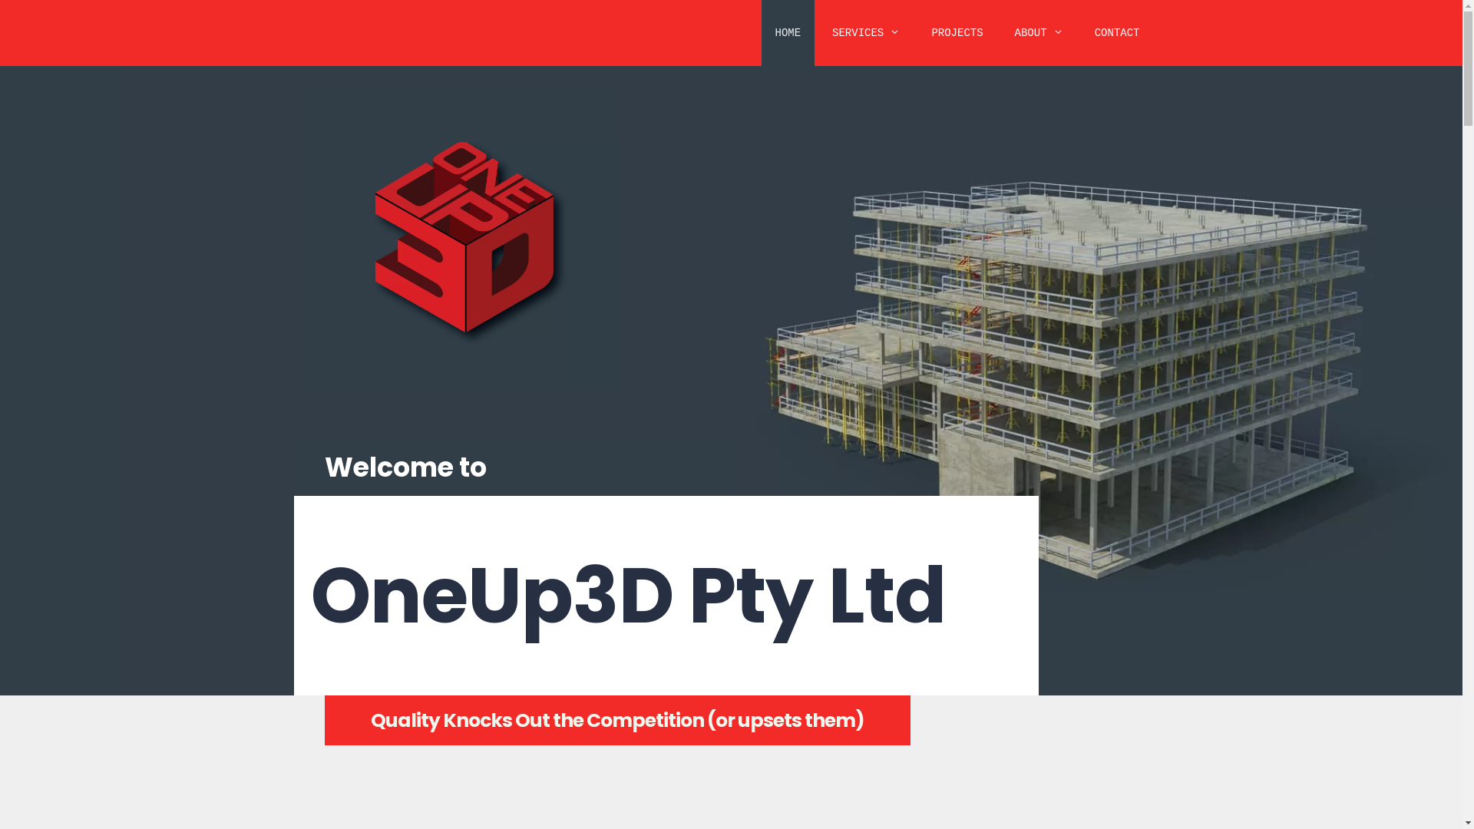 Image resolution: width=1474 pixels, height=829 pixels. What do you see at coordinates (866, 32) in the screenshot?
I see `'SERVICES'` at bounding box center [866, 32].